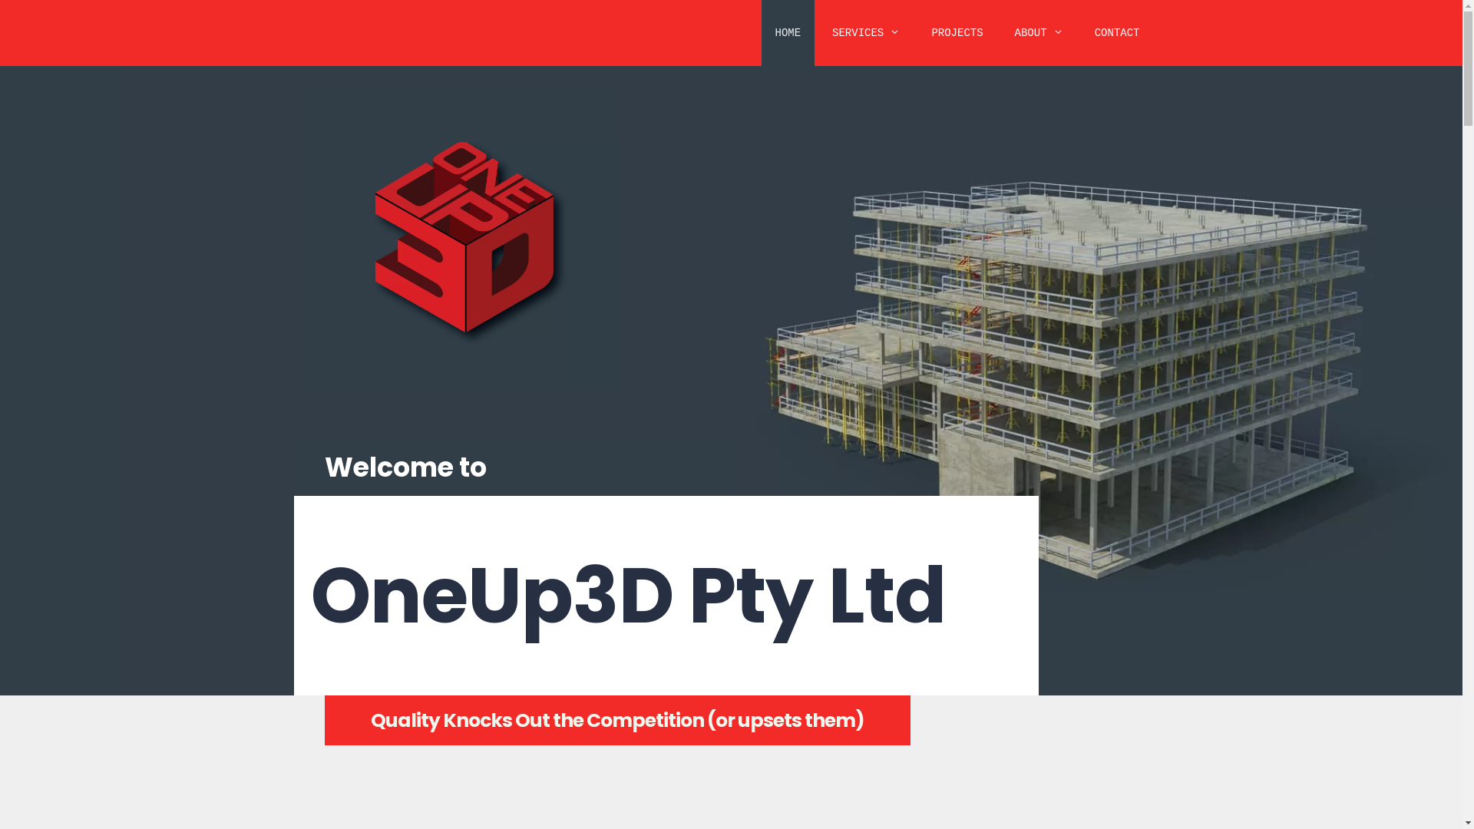 Image resolution: width=1474 pixels, height=829 pixels. What do you see at coordinates (866, 32) in the screenshot?
I see `'SERVICES'` at bounding box center [866, 32].